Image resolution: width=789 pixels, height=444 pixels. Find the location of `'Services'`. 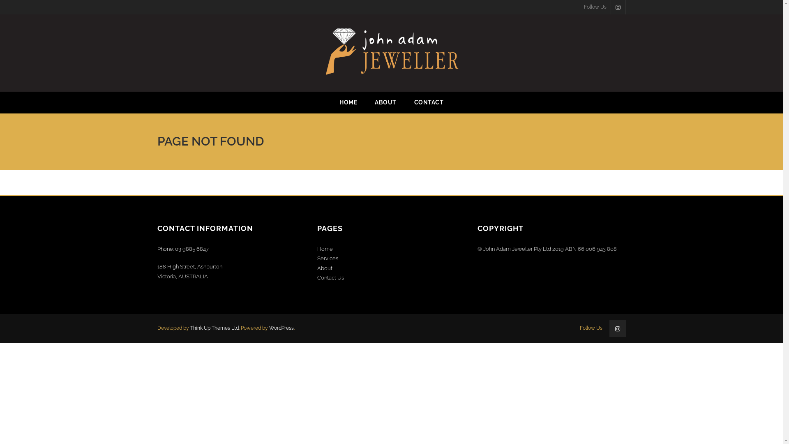

'Services' is located at coordinates (317, 258).